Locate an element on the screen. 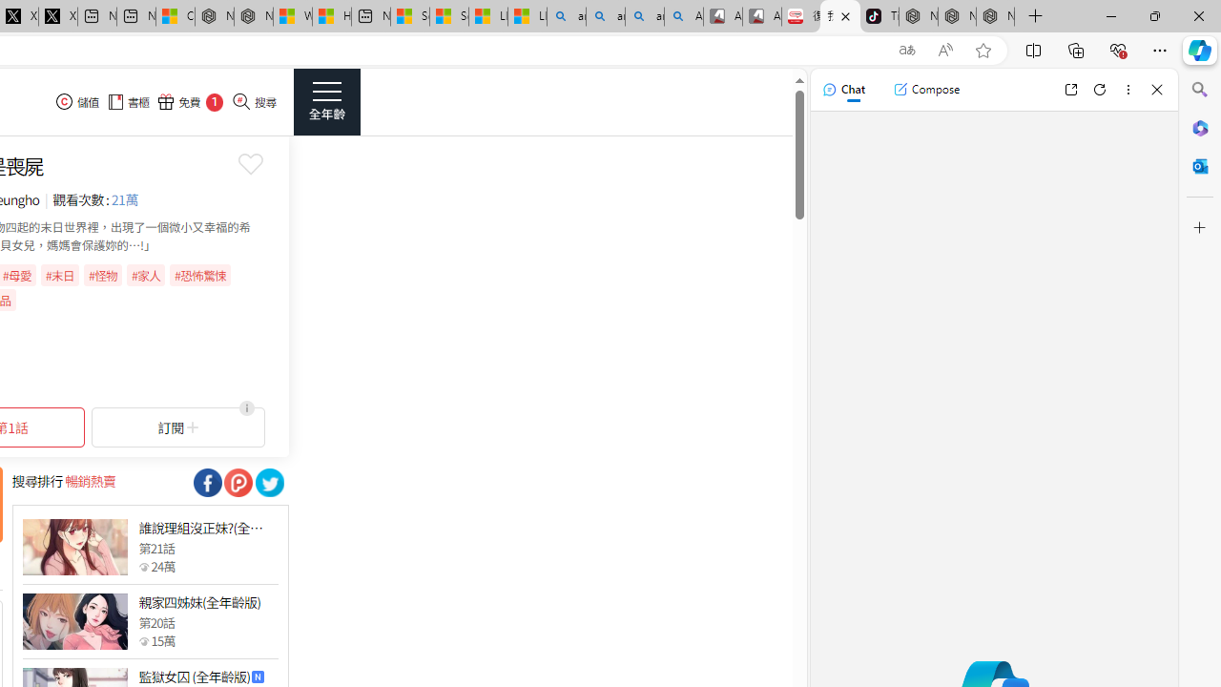 The height and width of the screenshot is (687, 1221). 'Chat' is located at coordinates (842, 89).